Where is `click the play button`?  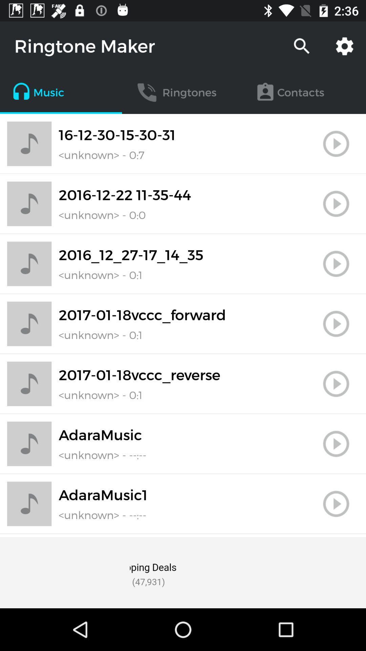 click the play button is located at coordinates (336, 263).